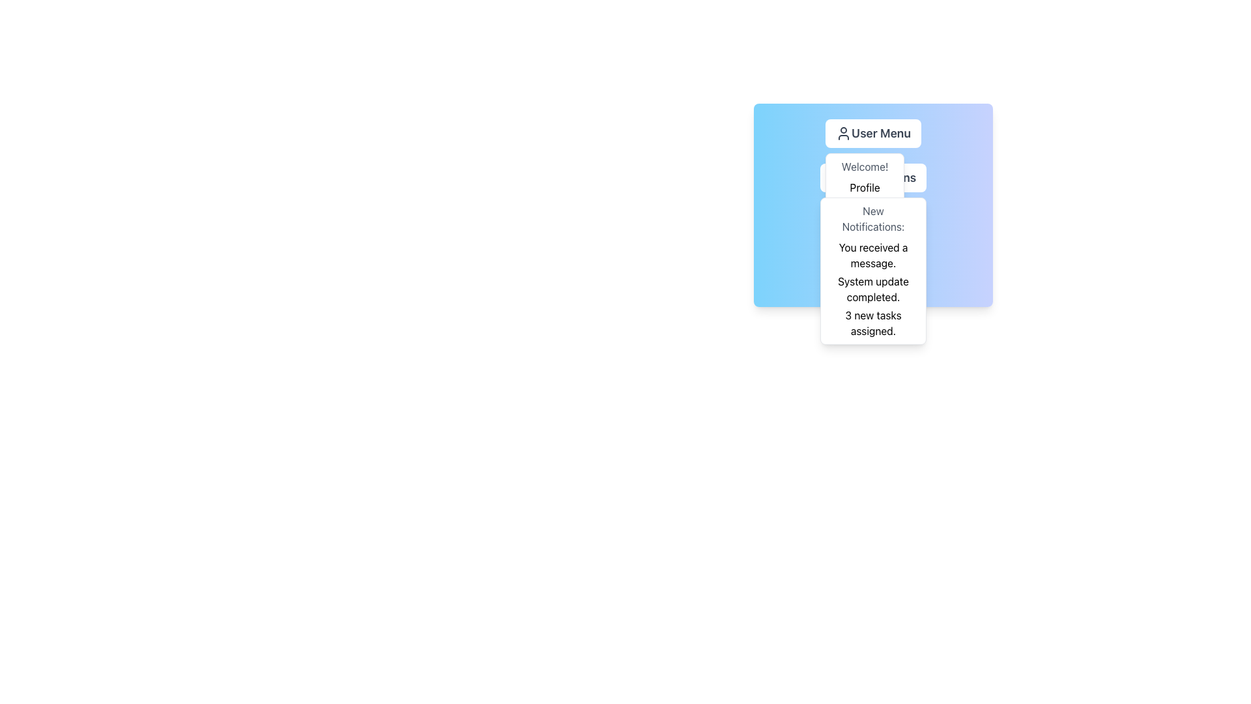  What do you see at coordinates (873, 278) in the screenshot?
I see `the gear/cogwheel icon representing settings` at bounding box center [873, 278].